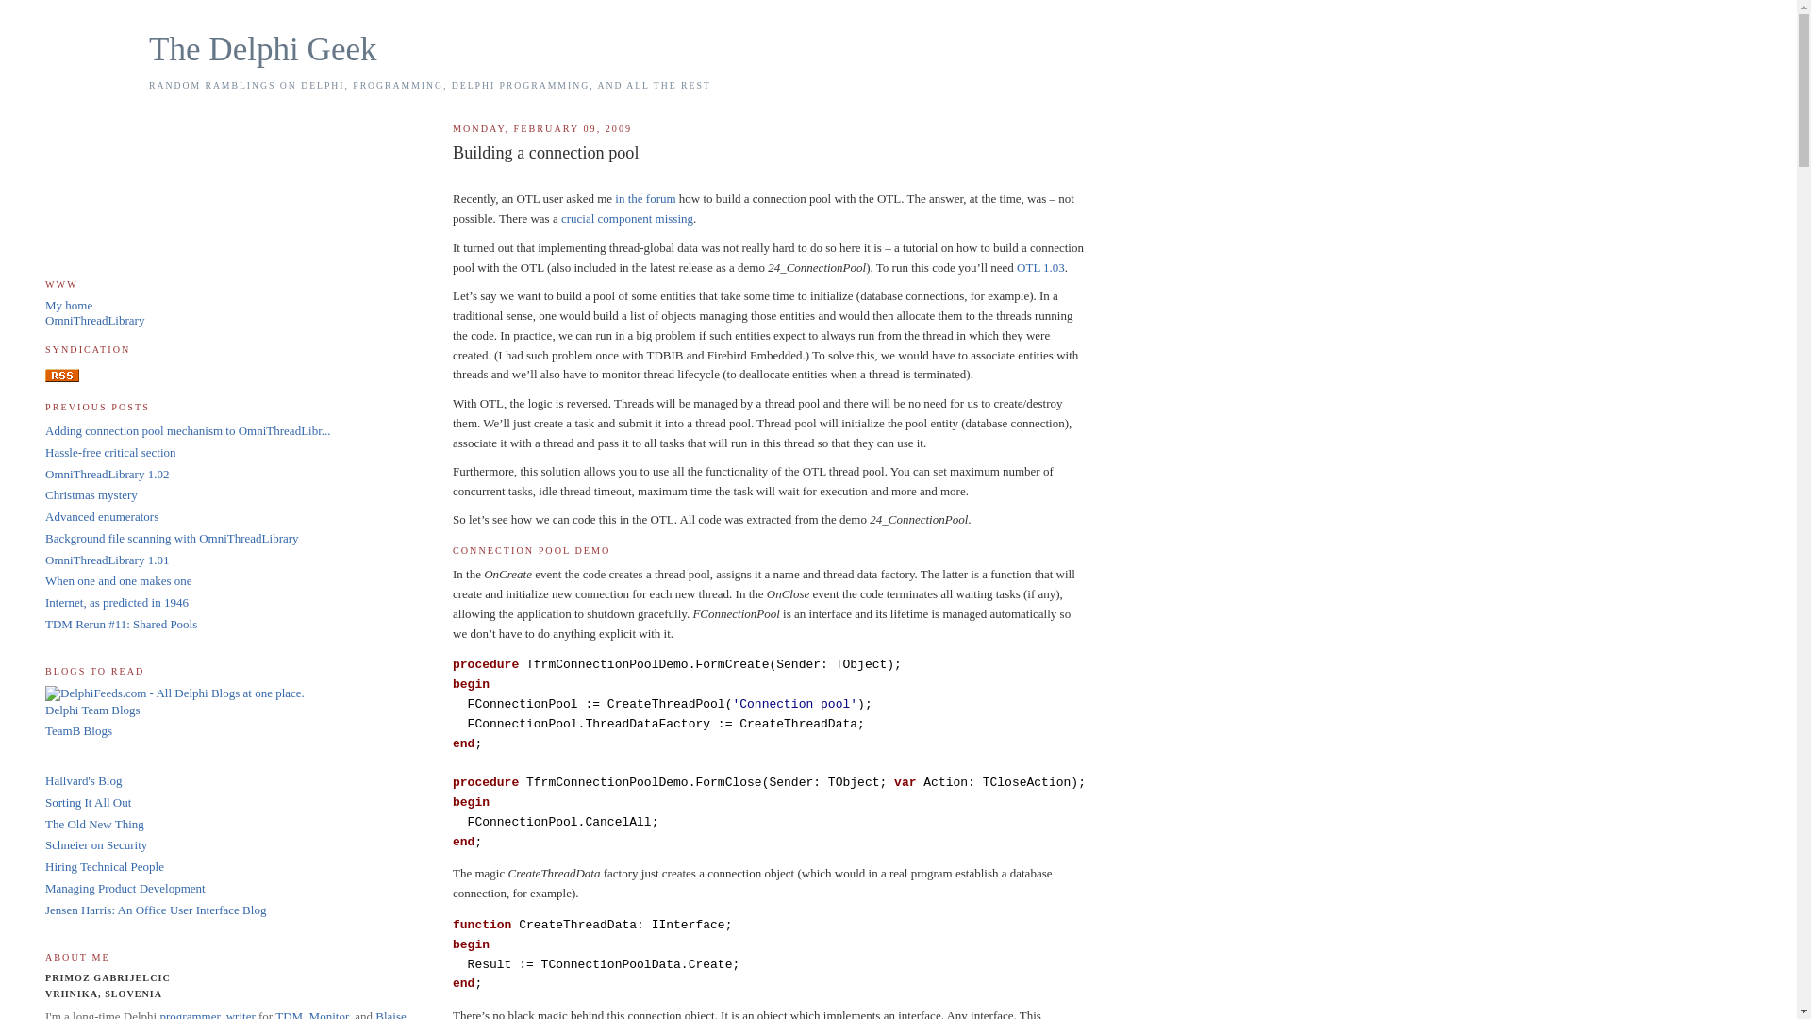 The height and width of the screenshot is (1019, 1811). Describe the element at coordinates (100, 516) in the screenshot. I see `'Advanced enumerators'` at that location.